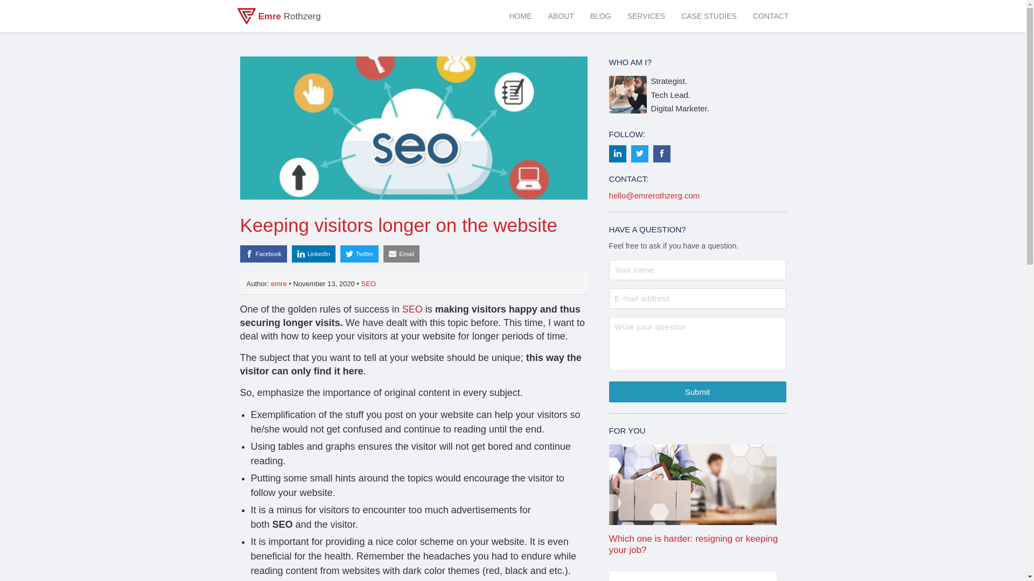 The width and height of the screenshot is (1034, 581). I want to click on 'Twitter', so click(340, 253).